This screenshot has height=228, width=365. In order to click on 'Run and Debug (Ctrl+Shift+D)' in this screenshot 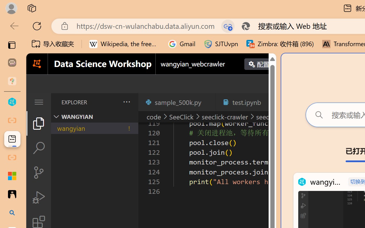, I will do `click(38, 197)`.